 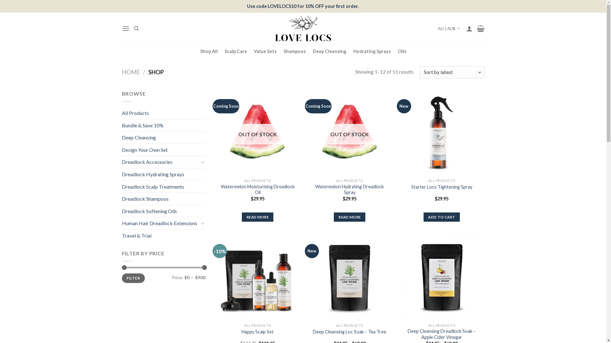 I want to click on 'Dreadlock Hydrating Sprays', so click(x=163, y=174).